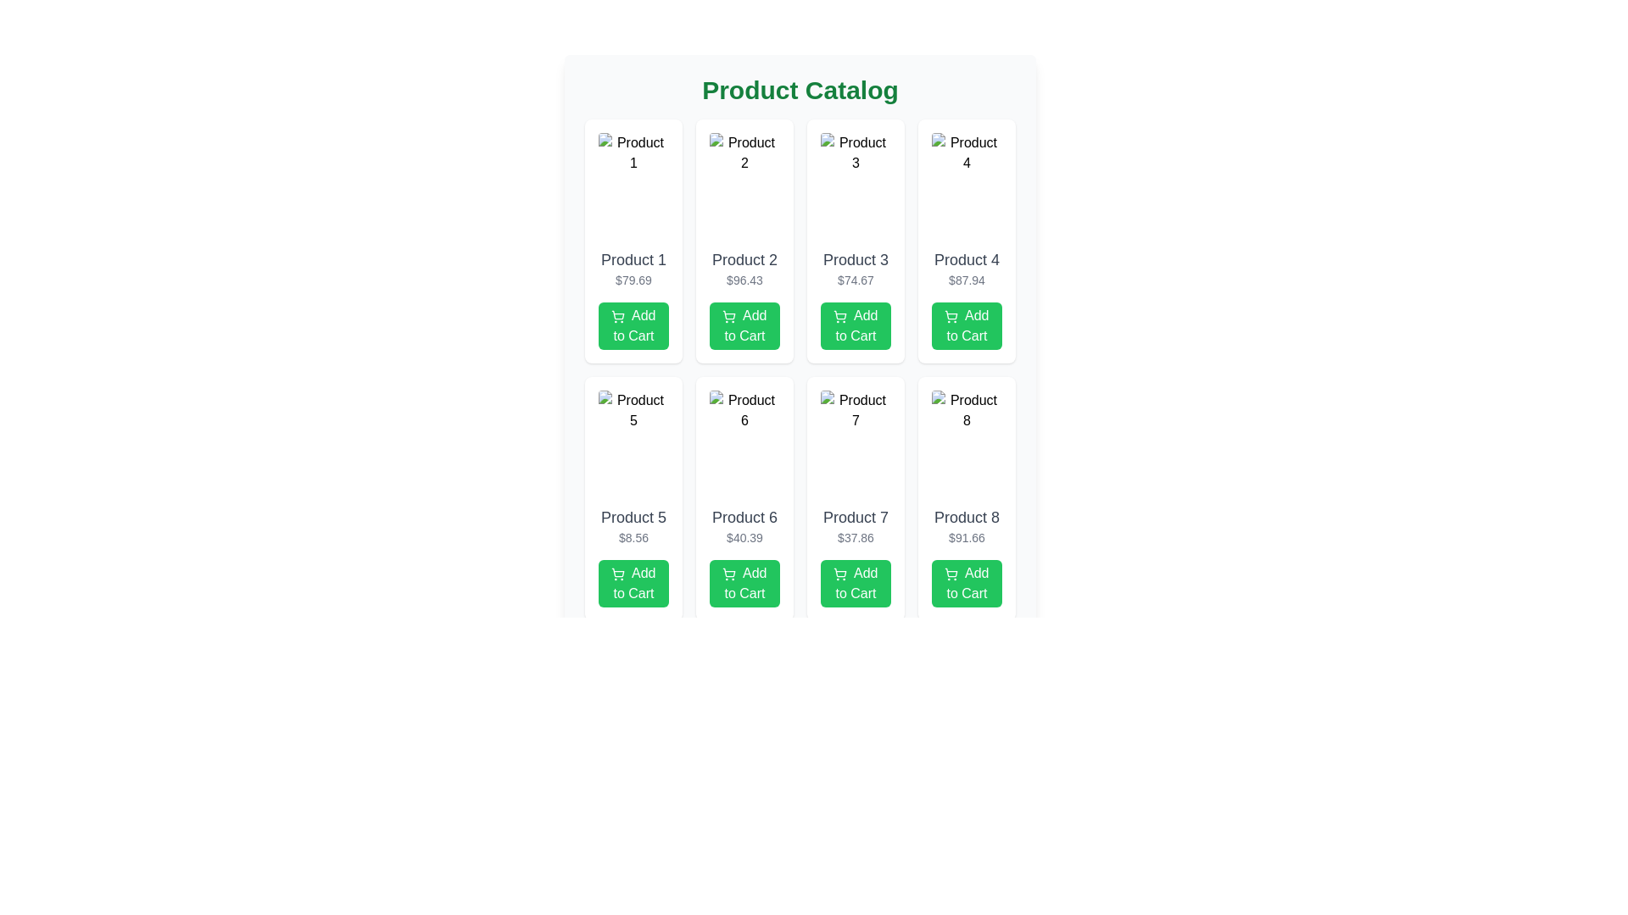 Image resolution: width=1628 pixels, height=915 pixels. Describe the element at coordinates (856, 241) in the screenshot. I see `product title 'Product 3' and price '$74.67' from the product card with a white background and rounded corners, located in the first row of a 4-column grid layout` at that location.